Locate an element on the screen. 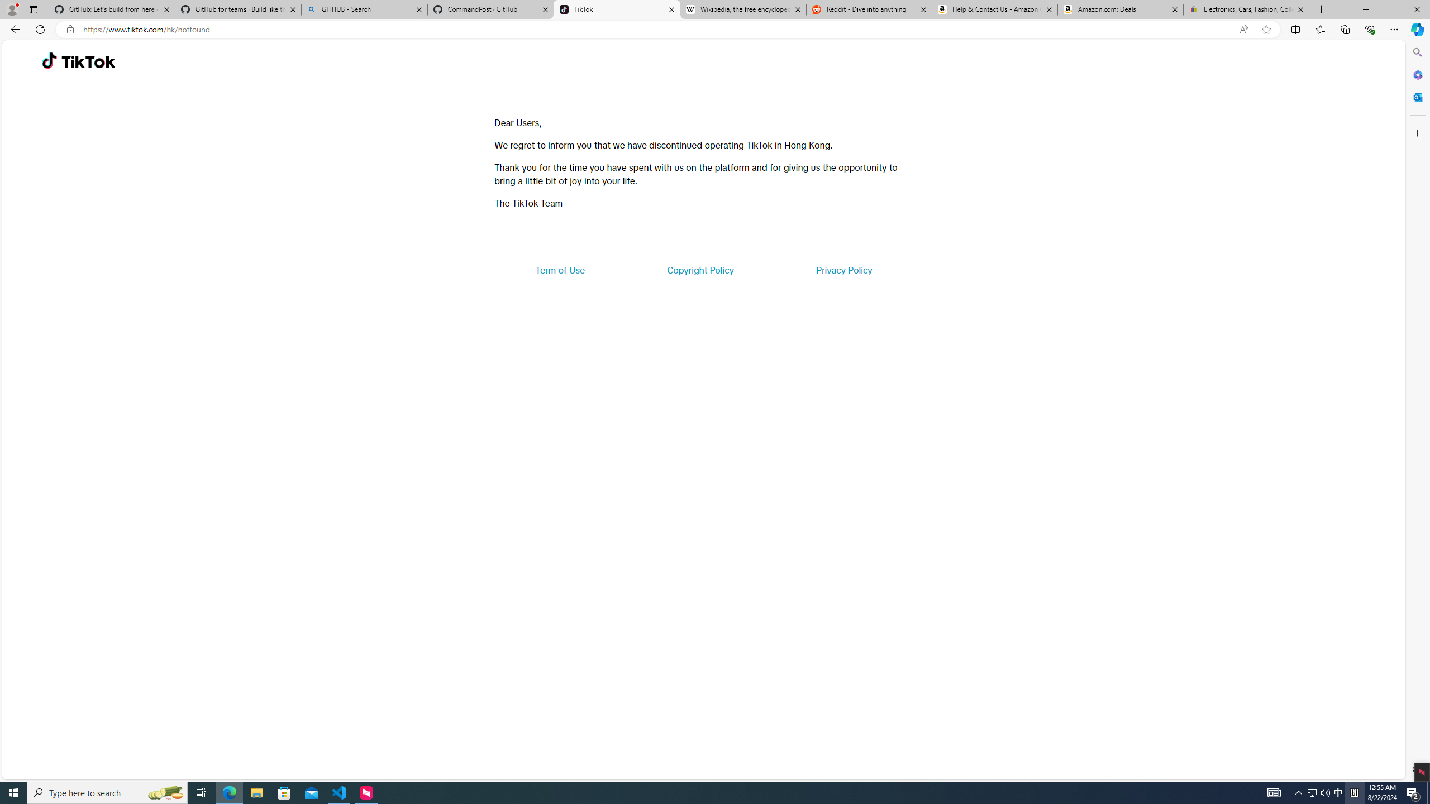 The width and height of the screenshot is (1430, 804). 'Help & Contact Us - Amazon Customer Service' is located at coordinates (994, 9).